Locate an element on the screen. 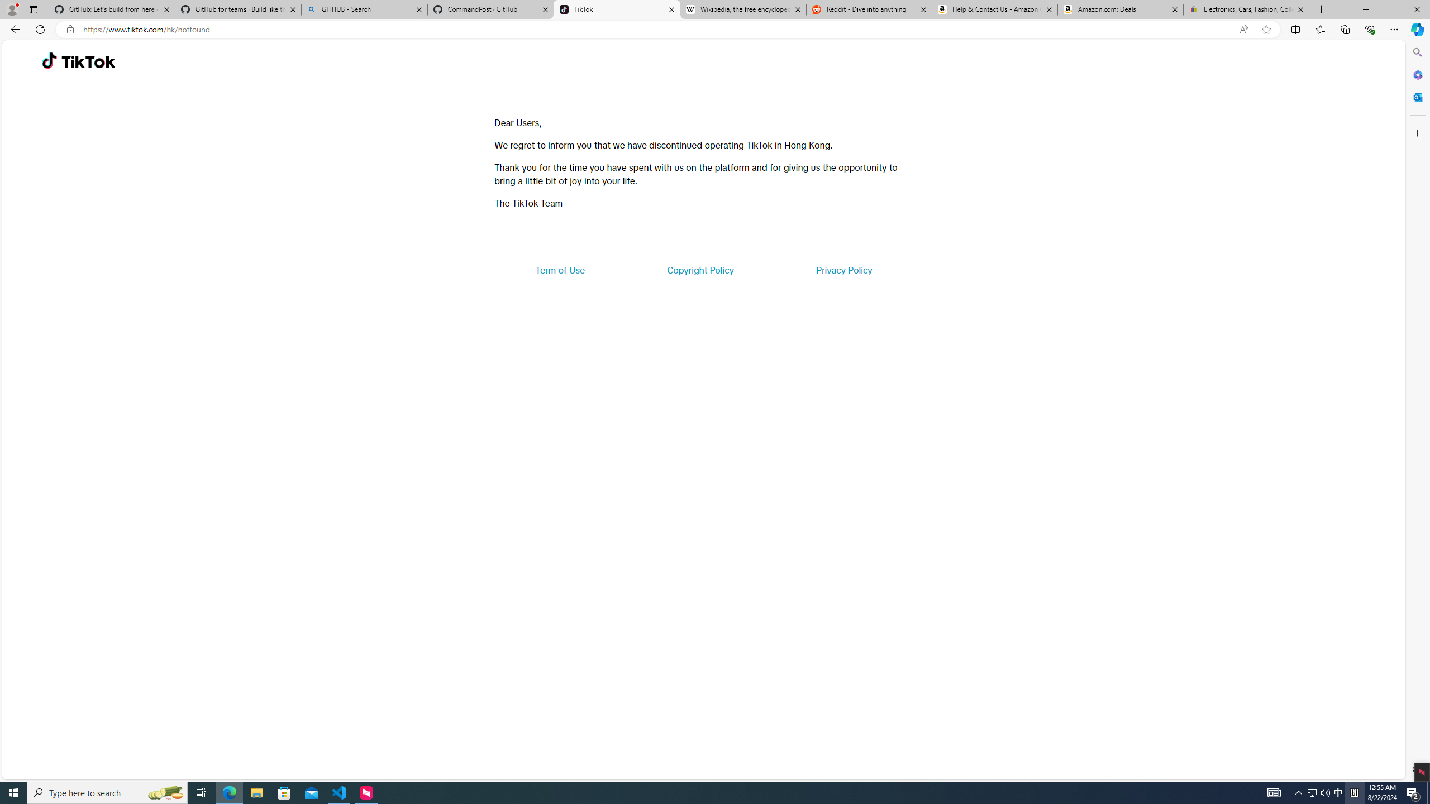 The width and height of the screenshot is (1430, 804). 'Help & Contact Us - Amazon Customer Service' is located at coordinates (994, 9).